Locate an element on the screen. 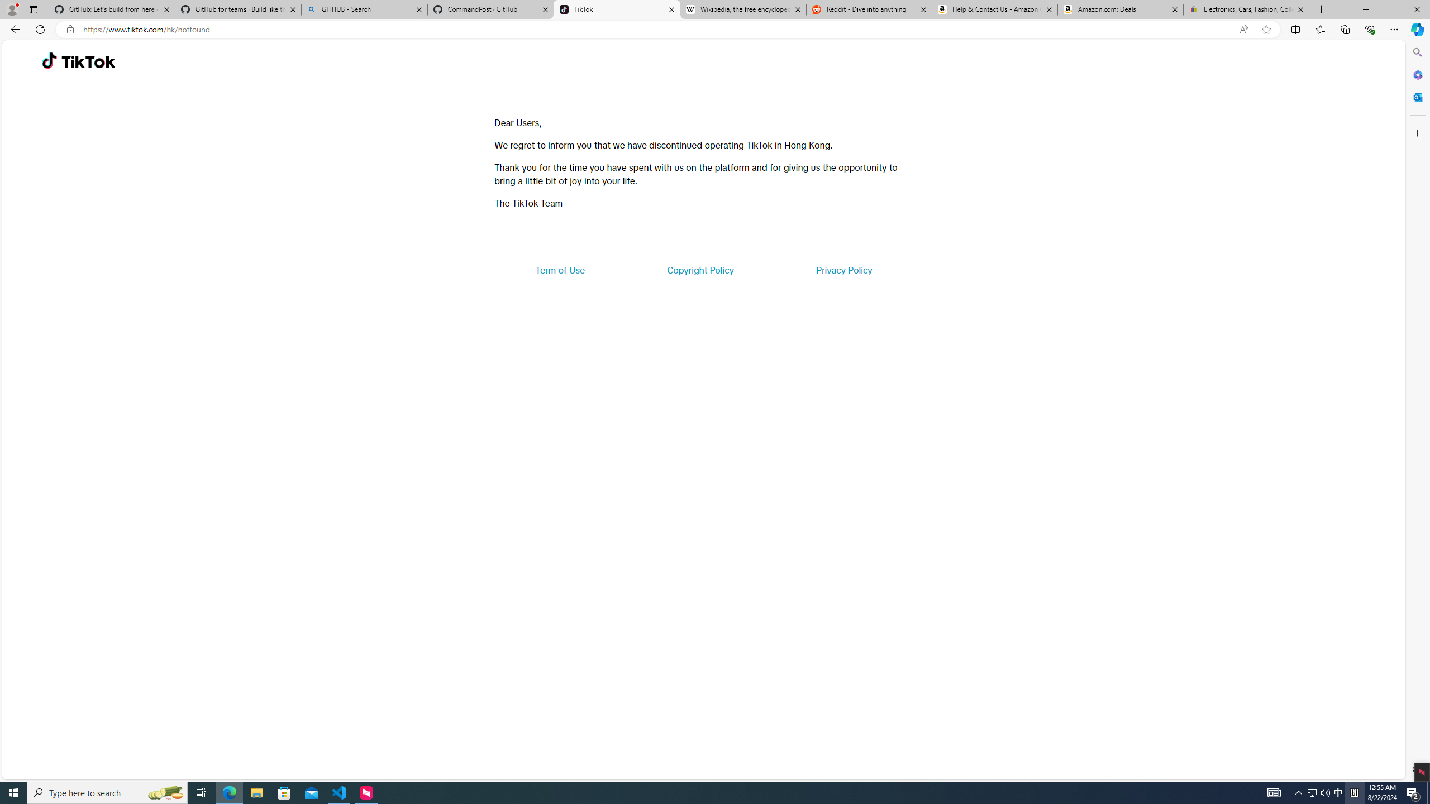 The width and height of the screenshot is (1430, 804). 'Help & Contact Us - Amazon Customer Service' is located at coordinates (994, 9).